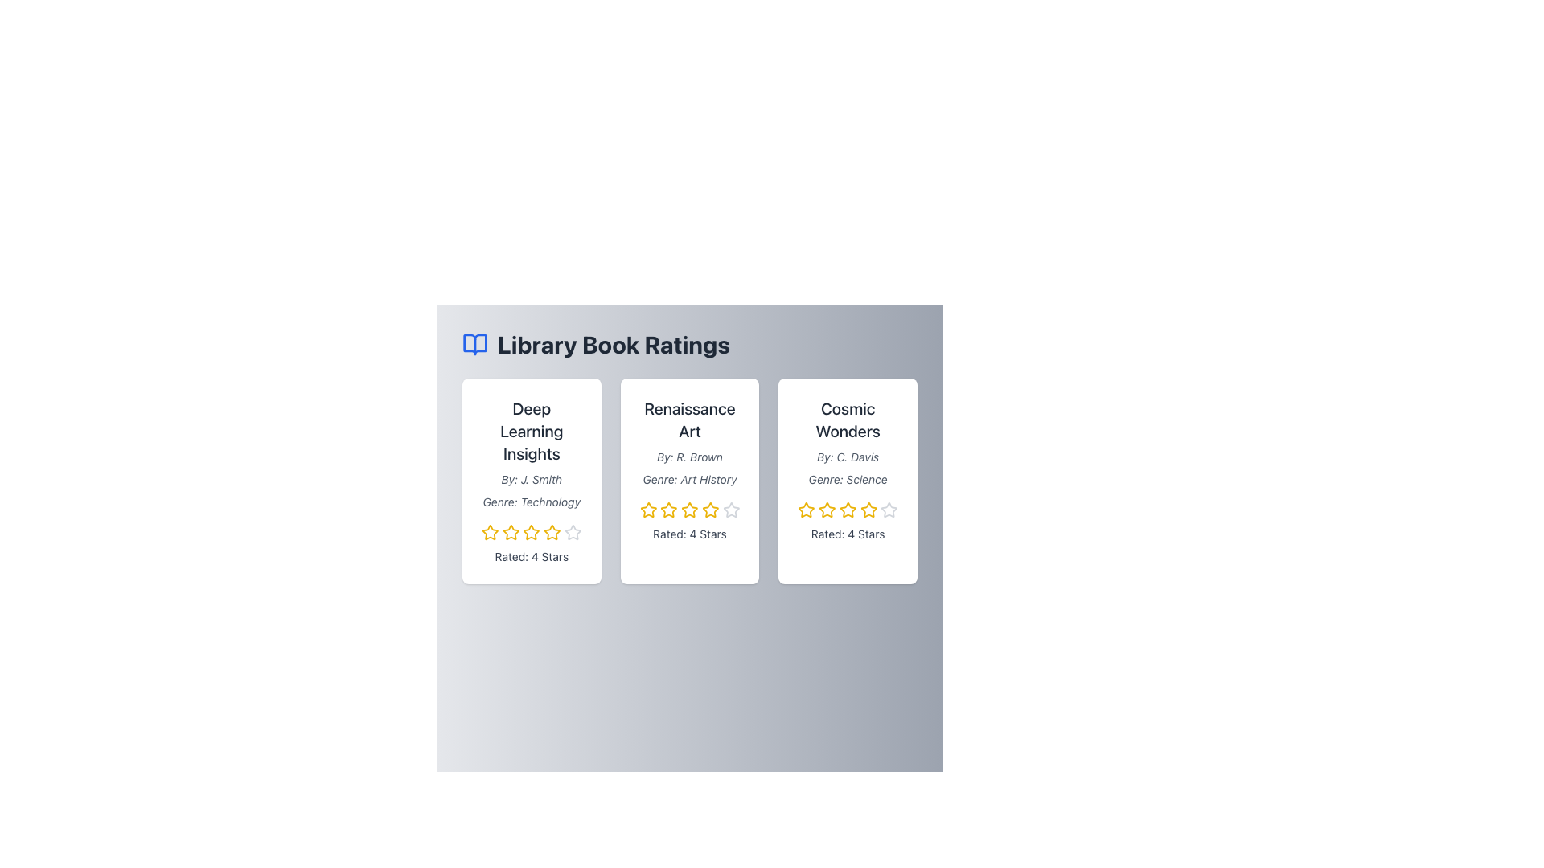 Image resolution: width=1544 pixels, height=868 pixels. I want to click on the second star-shaped rating icon for the book 'Cosmic Wonders' to activate its hover state, so click(807, 510).